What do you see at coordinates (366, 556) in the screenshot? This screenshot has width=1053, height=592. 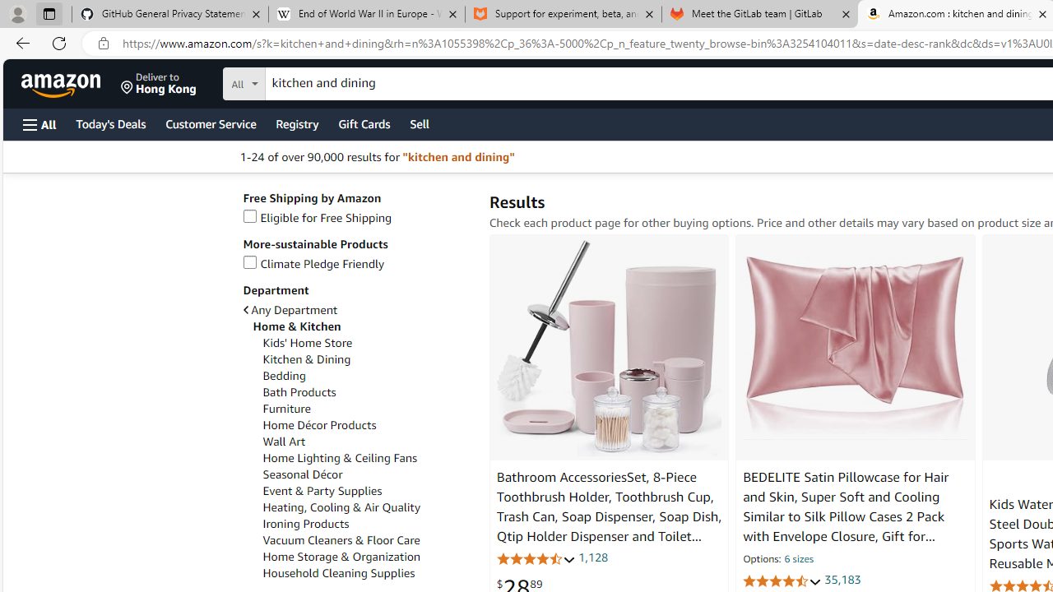 I see `'Home Storage & Organization'` at bounding box center [366, 556].